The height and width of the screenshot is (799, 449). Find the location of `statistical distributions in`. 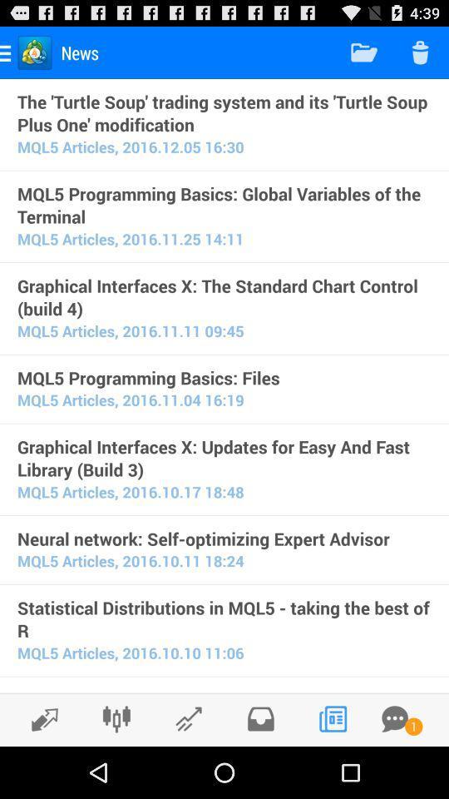

statistical distributions in is located at coordinates (224, 618).